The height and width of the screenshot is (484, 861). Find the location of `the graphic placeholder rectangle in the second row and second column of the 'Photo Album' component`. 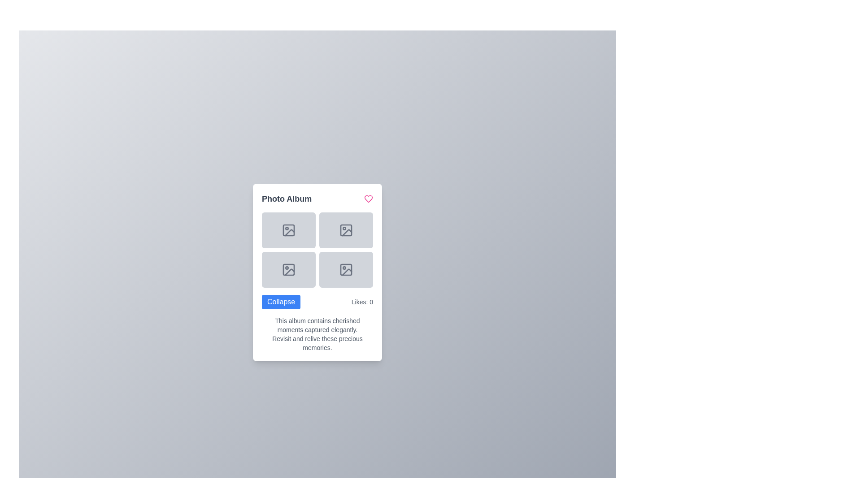

the graphic placeholder rectangle in the second row and second column of the 'Photo Album' component is located at coordinates (346, 269).